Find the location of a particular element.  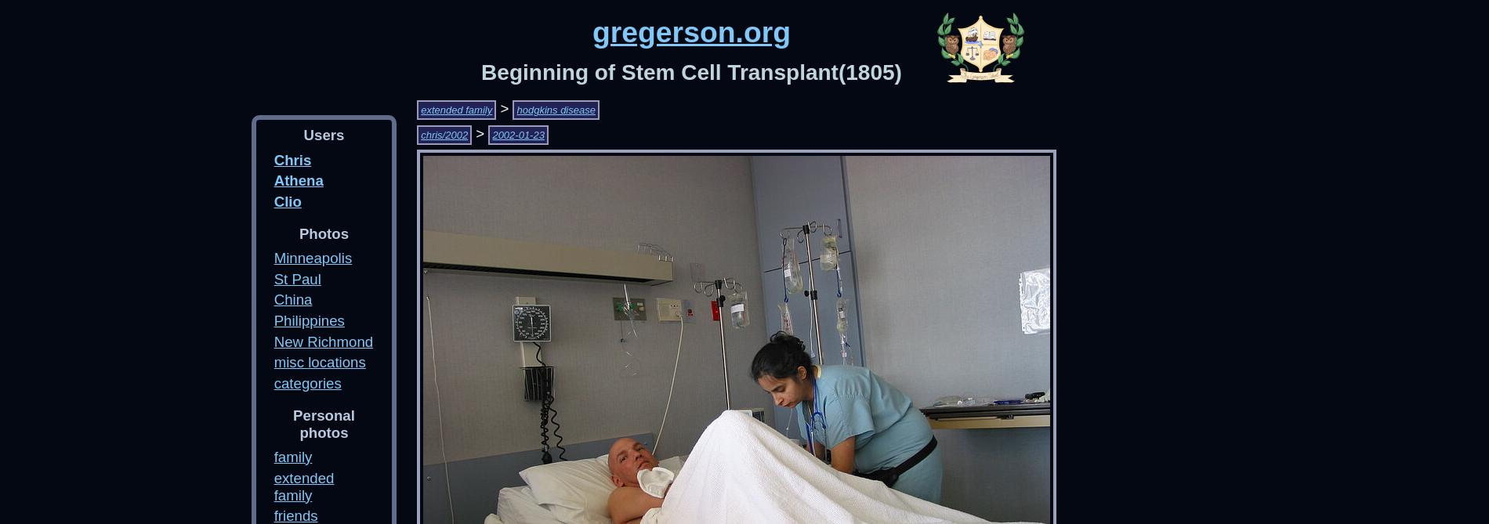

'Minneapolis' is located at coordinates (312, 257).